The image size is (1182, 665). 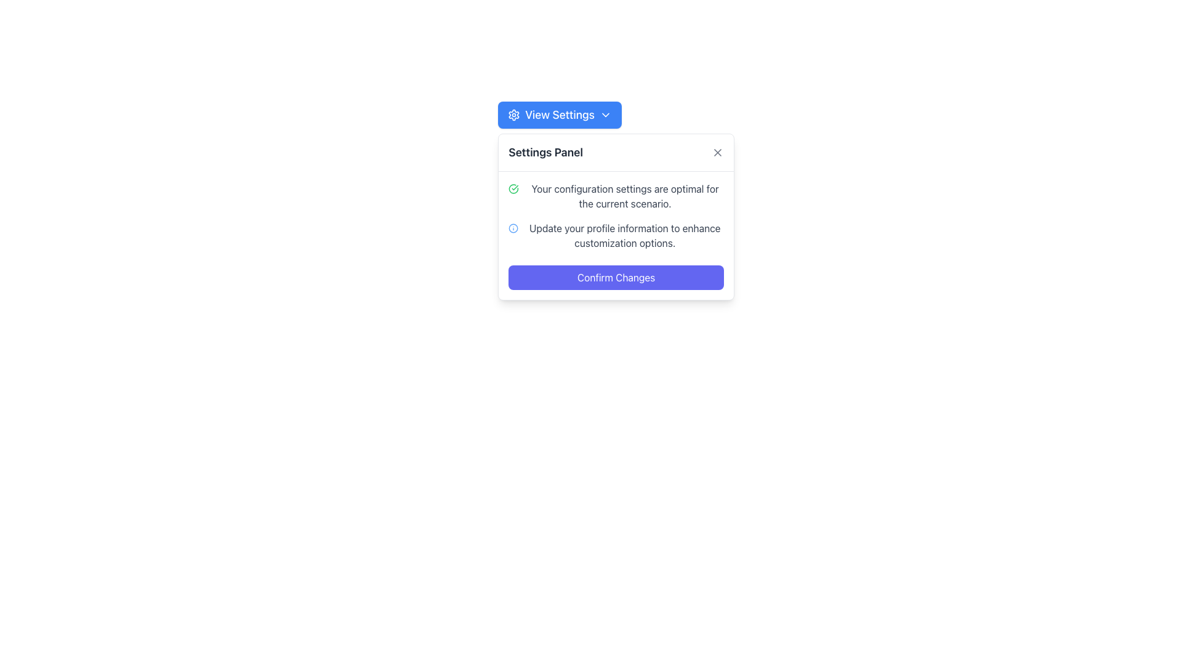 I want to click on keyboard navigation, so click(x=718, y=151).